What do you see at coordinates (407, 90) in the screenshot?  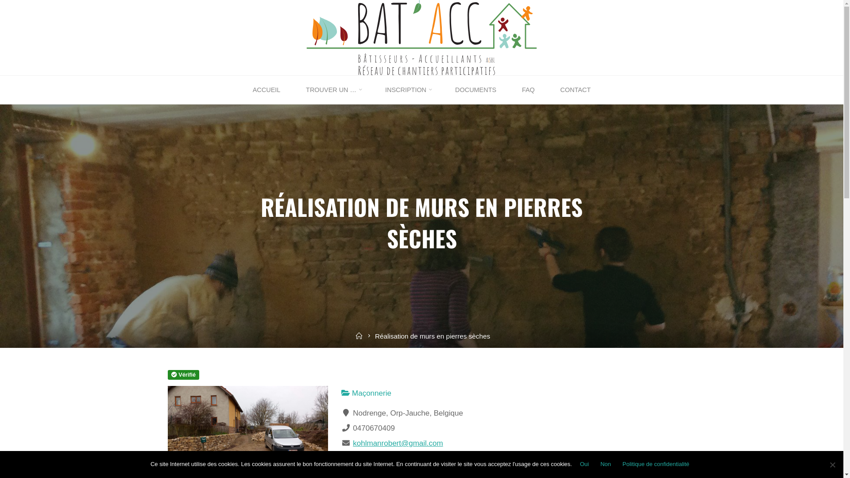 I see `'INSCRIPTION'` at bounding box center [407, 90].